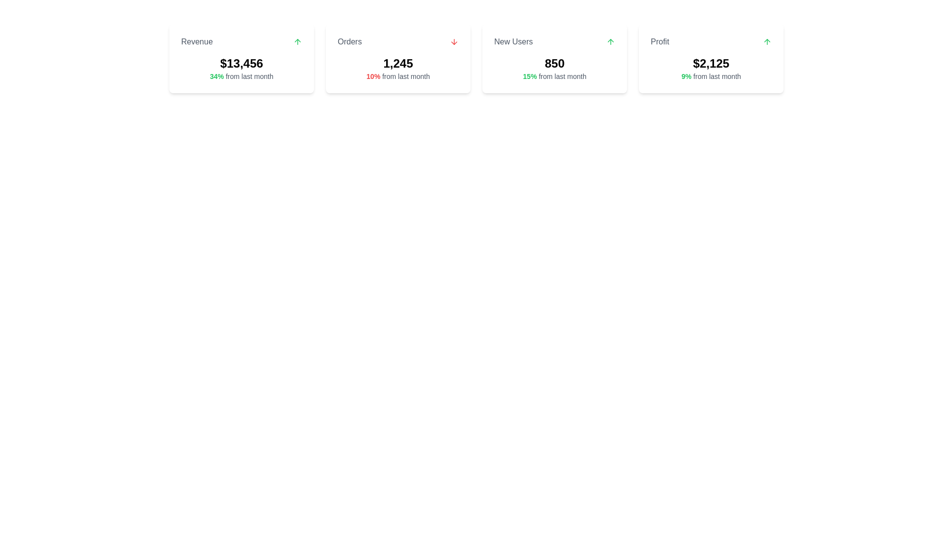 This screenshot has height=533, width=948. I want to click on the static text label that describes the new users metric, located in the third card from the left in a row of four cards within the dashboard-style view, so click(513, 41).